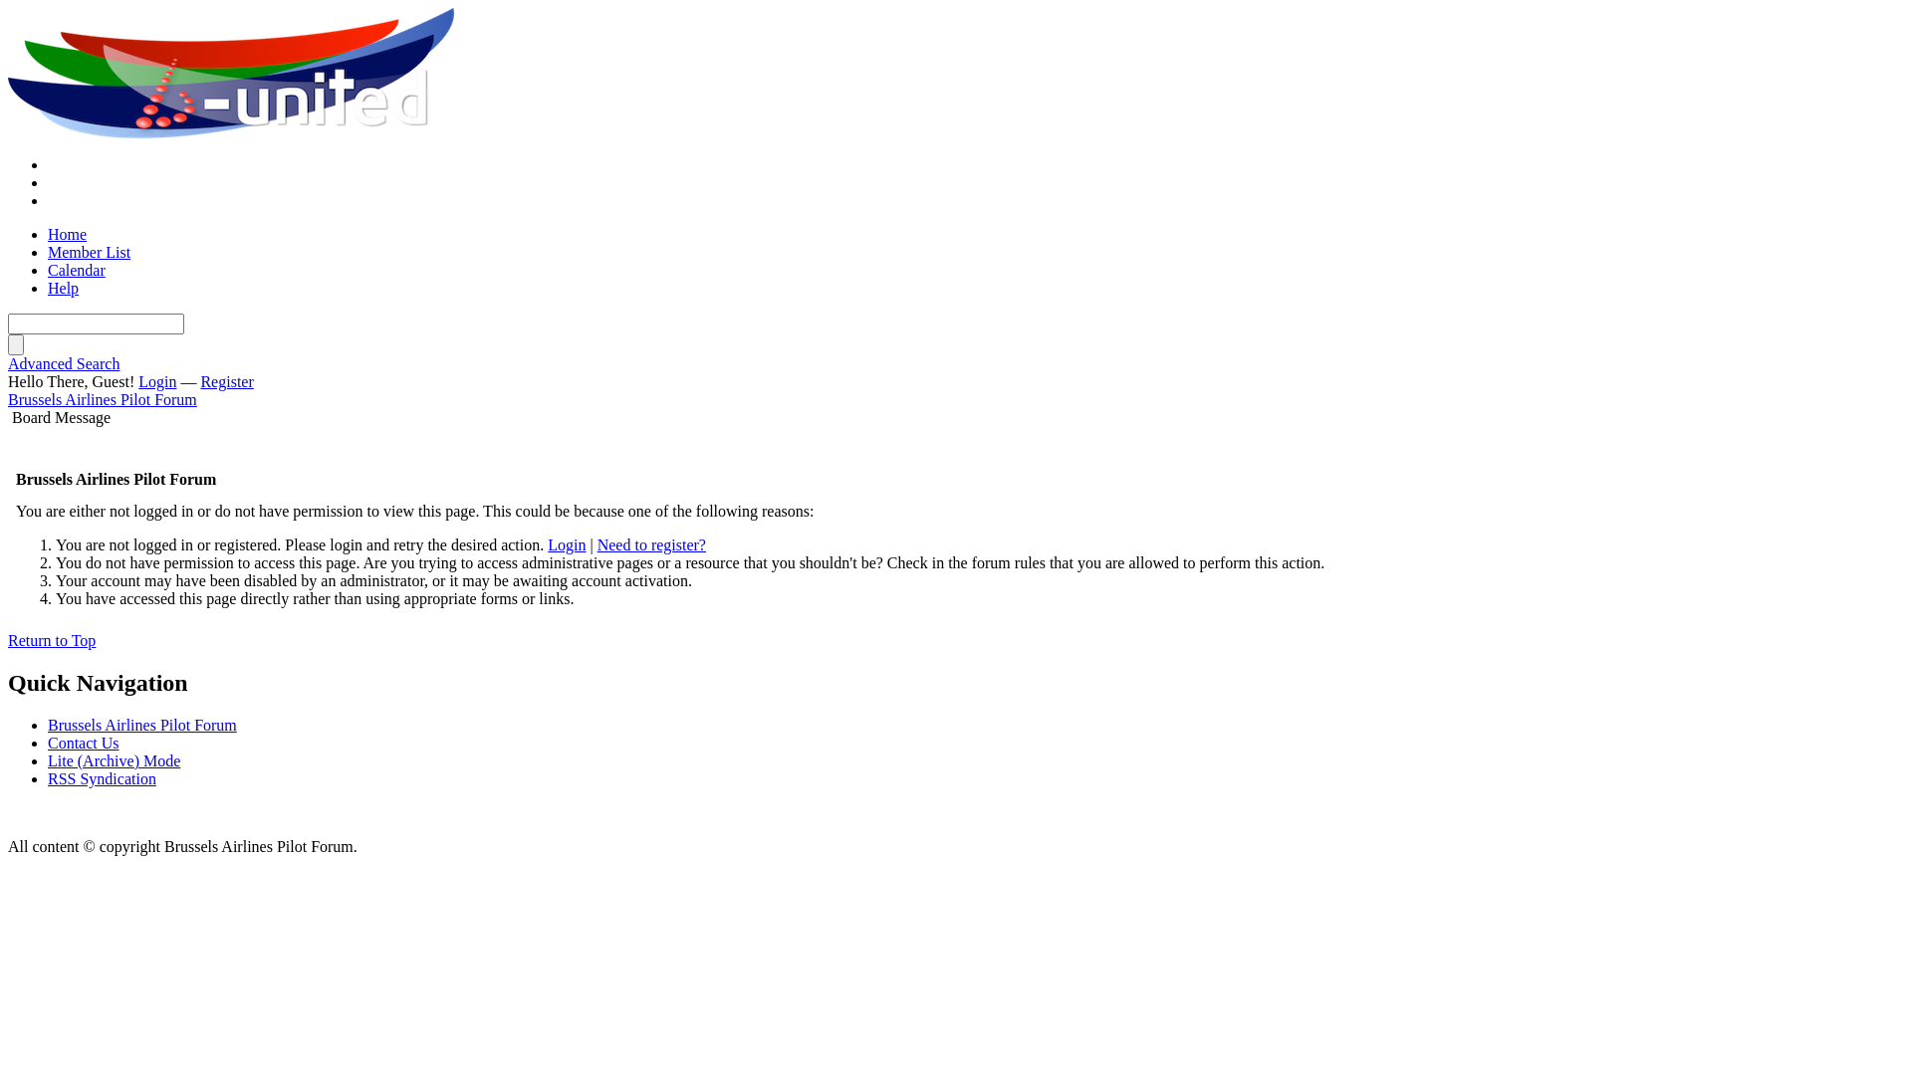  Describe the element at coordinates (8, 73) in the screenshot. I see `'Brussels Airlines Pilot Forum'` at that location.